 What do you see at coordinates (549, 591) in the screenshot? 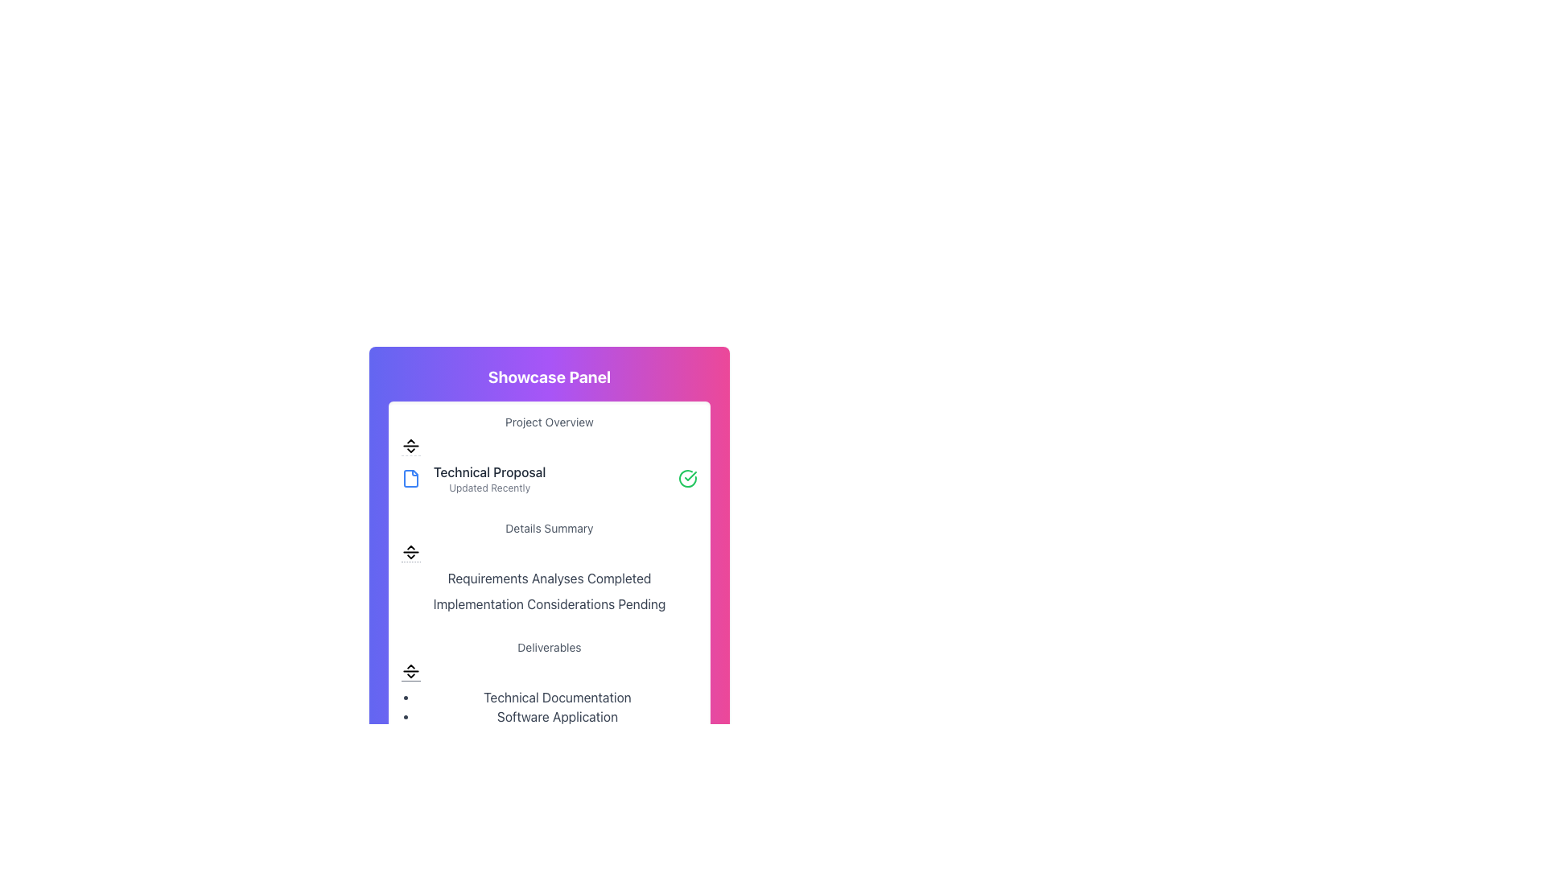
I see `text from the Text Block displaying 'Requirements Analyses Completed' and 'Implementation Considerations Pending', which is located under the 'Details Summary' section header` at bounding box center [549, 591].